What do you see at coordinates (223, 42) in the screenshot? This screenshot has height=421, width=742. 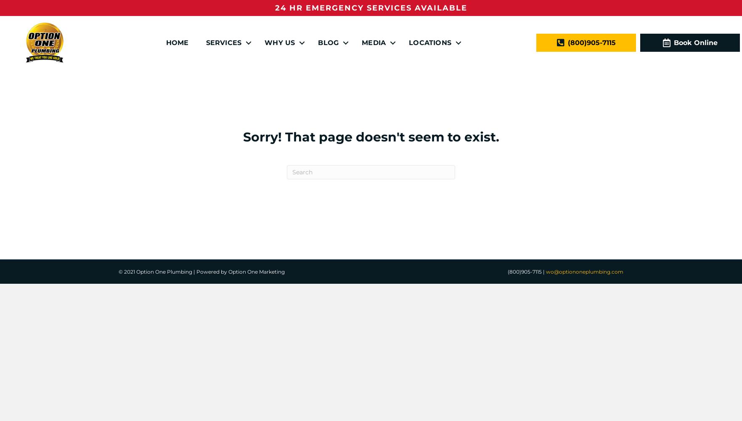 I see `'Services'` at bounding box center [223, 42].